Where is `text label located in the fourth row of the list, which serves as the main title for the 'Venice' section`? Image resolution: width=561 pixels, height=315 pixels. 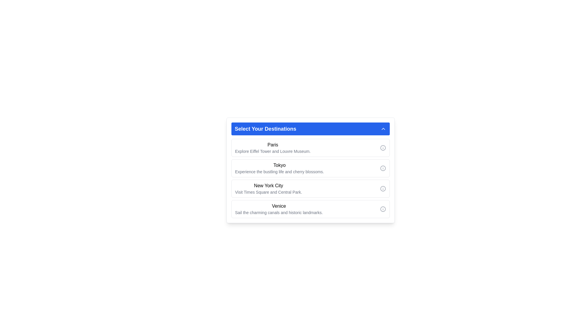
text label located in the fourth row of the list, which serves as the main title for the 'Venice' section is located at coordinates (278, 206).